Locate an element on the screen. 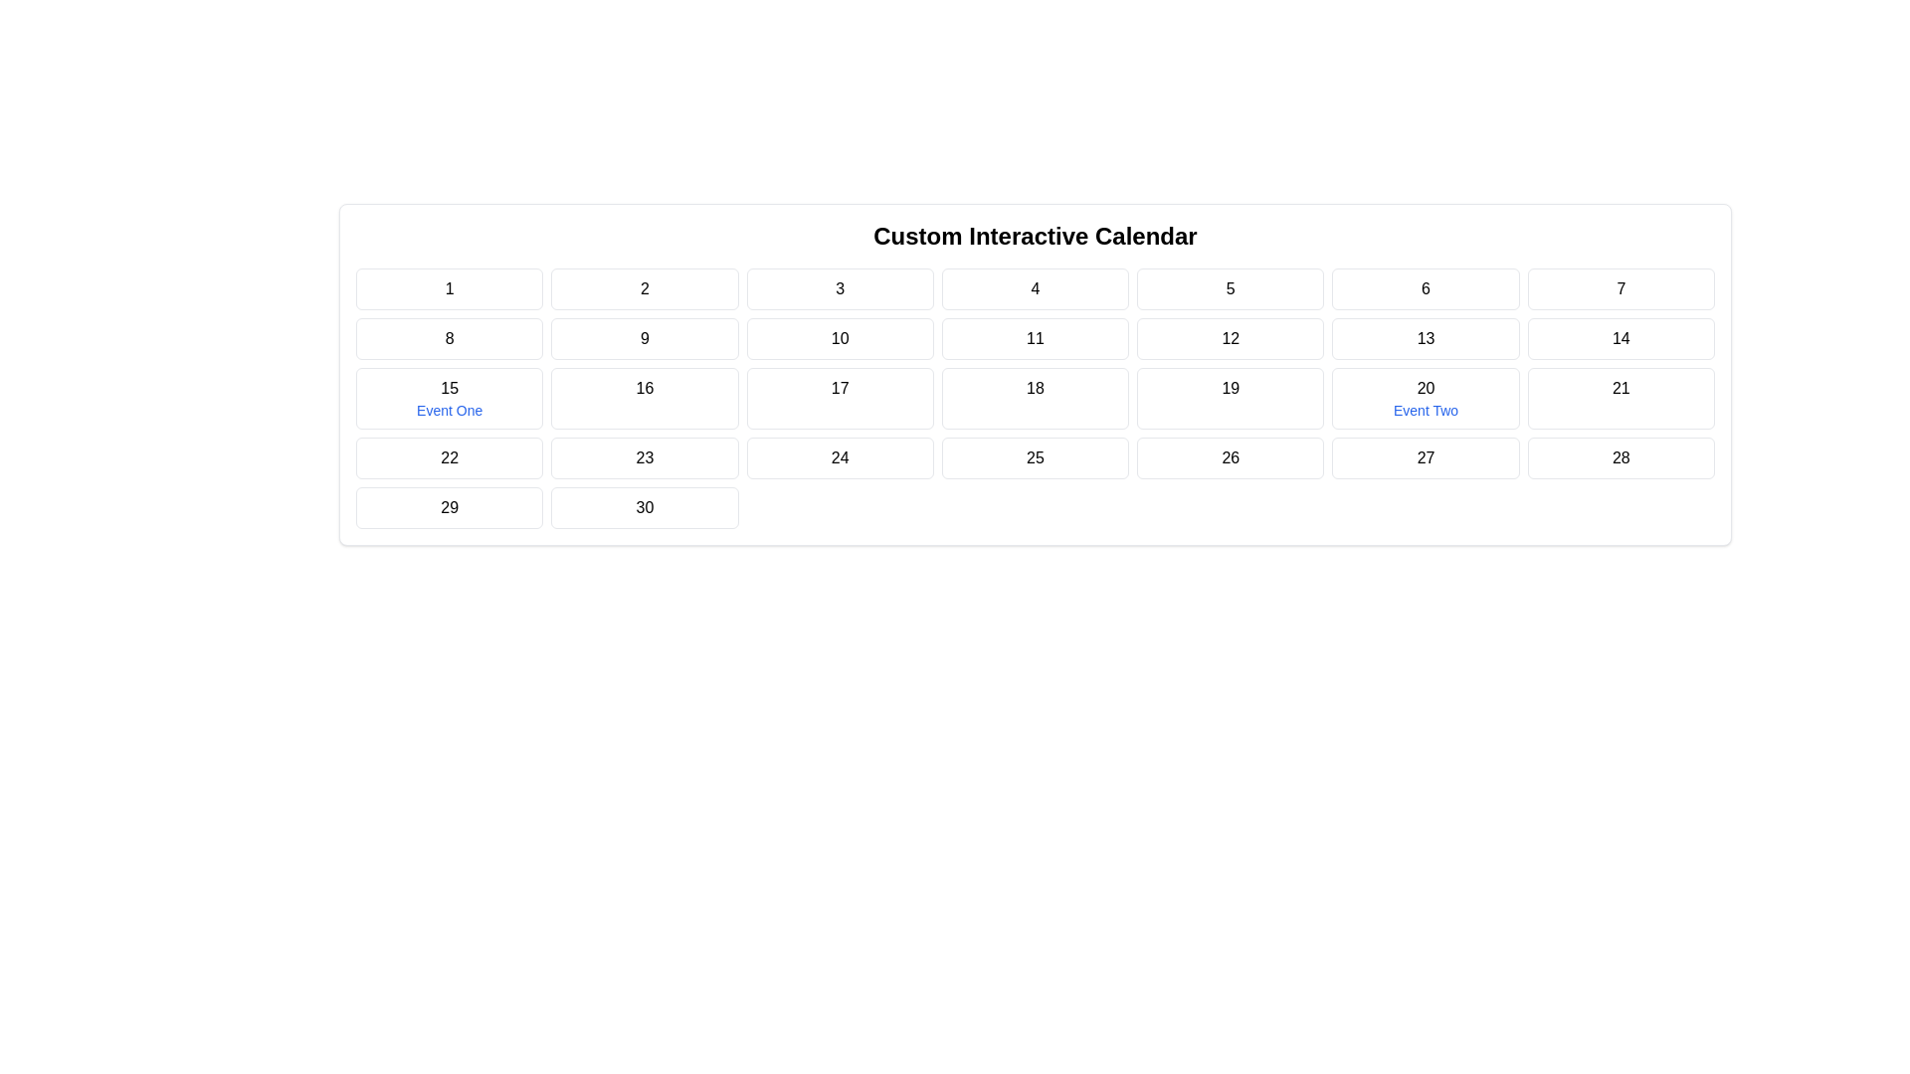  the Static Display Element displaying the number '13' located in the second row, sixth column of the grid layout is located at coordinates (1425, 337).